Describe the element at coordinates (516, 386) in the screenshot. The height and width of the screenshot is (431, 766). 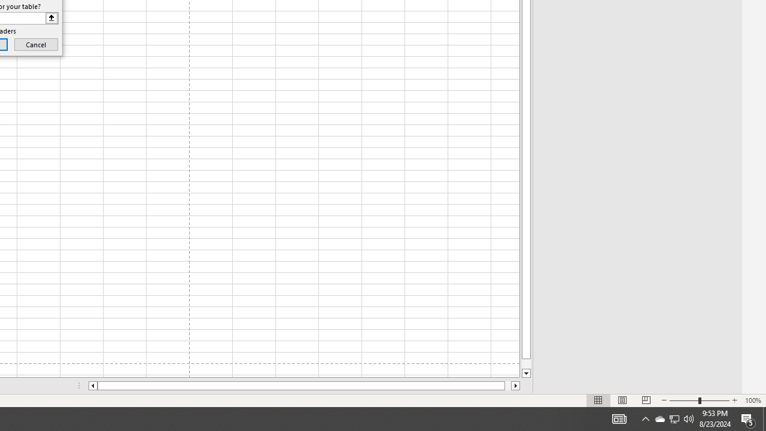
I see `'Column right'` at that location.